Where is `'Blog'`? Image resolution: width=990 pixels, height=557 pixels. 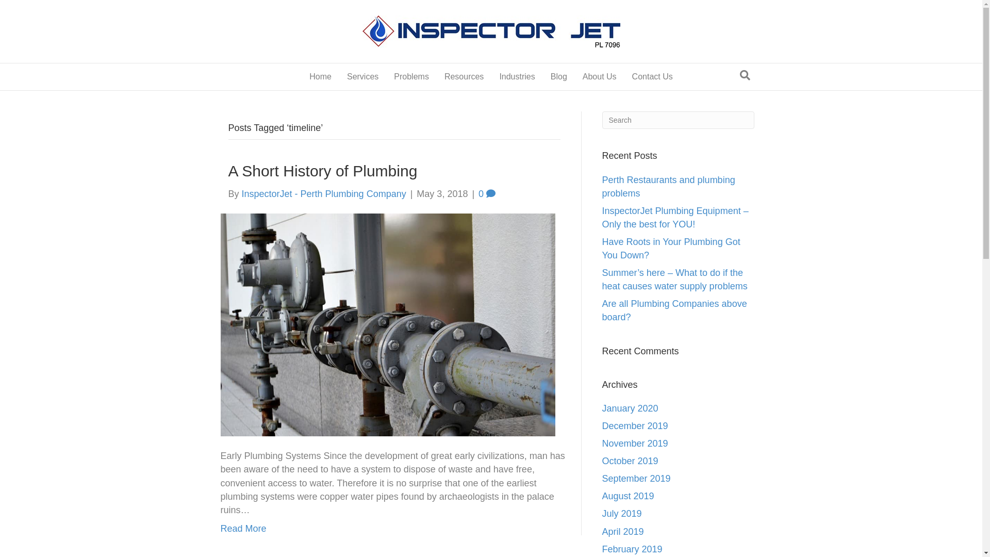
'Blog' is located at coordinates (558, 76).